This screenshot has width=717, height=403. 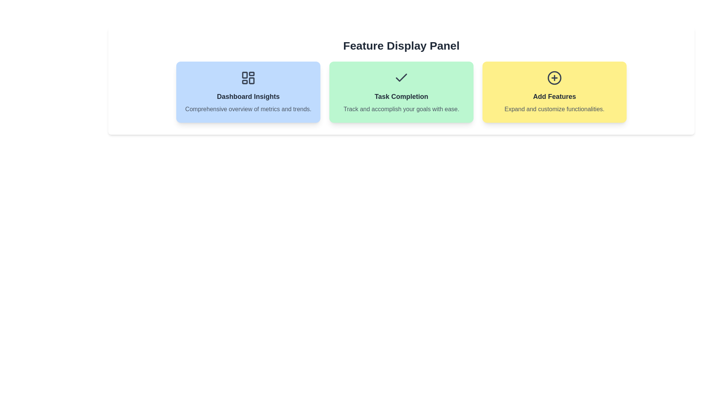 I want to click on the checkmark symbol icon located at the center of the green 'Task Completion' panel on the Feature Display Panel interface, so click(x=401, y=78).